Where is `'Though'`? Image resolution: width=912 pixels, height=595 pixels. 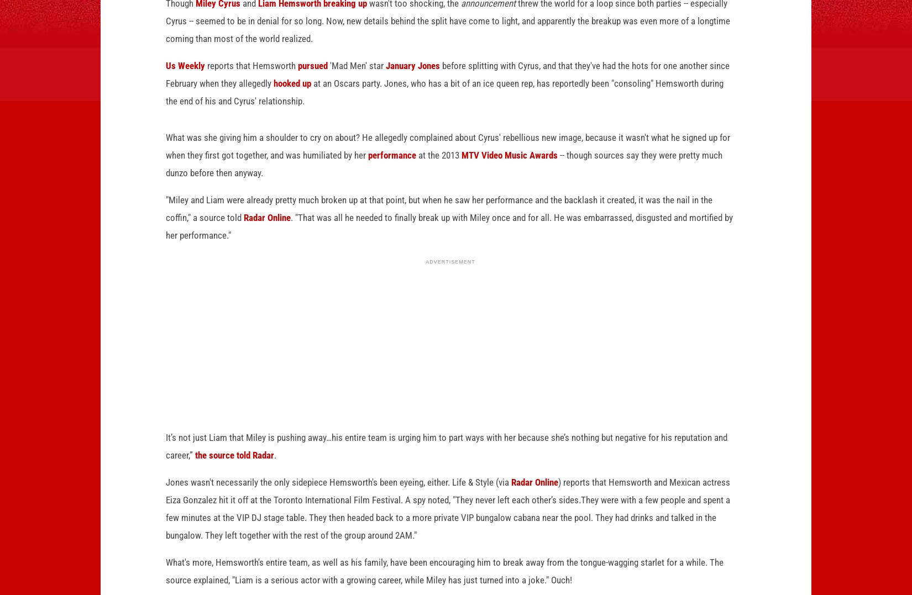
'Though' is located at coordinates (181, 20).